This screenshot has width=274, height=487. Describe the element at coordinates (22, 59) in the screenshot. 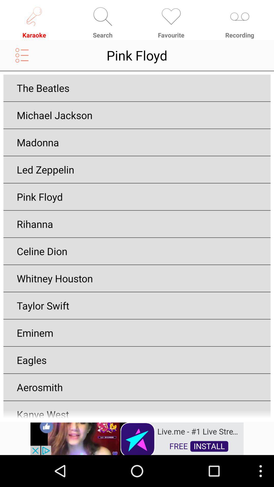

I see `the list icon` at that location.